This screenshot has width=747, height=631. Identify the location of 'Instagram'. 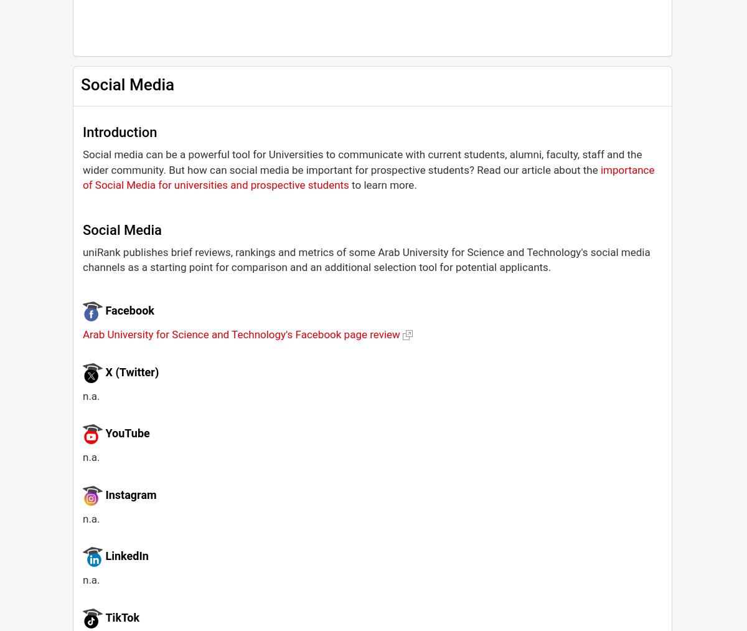
(130, 494).